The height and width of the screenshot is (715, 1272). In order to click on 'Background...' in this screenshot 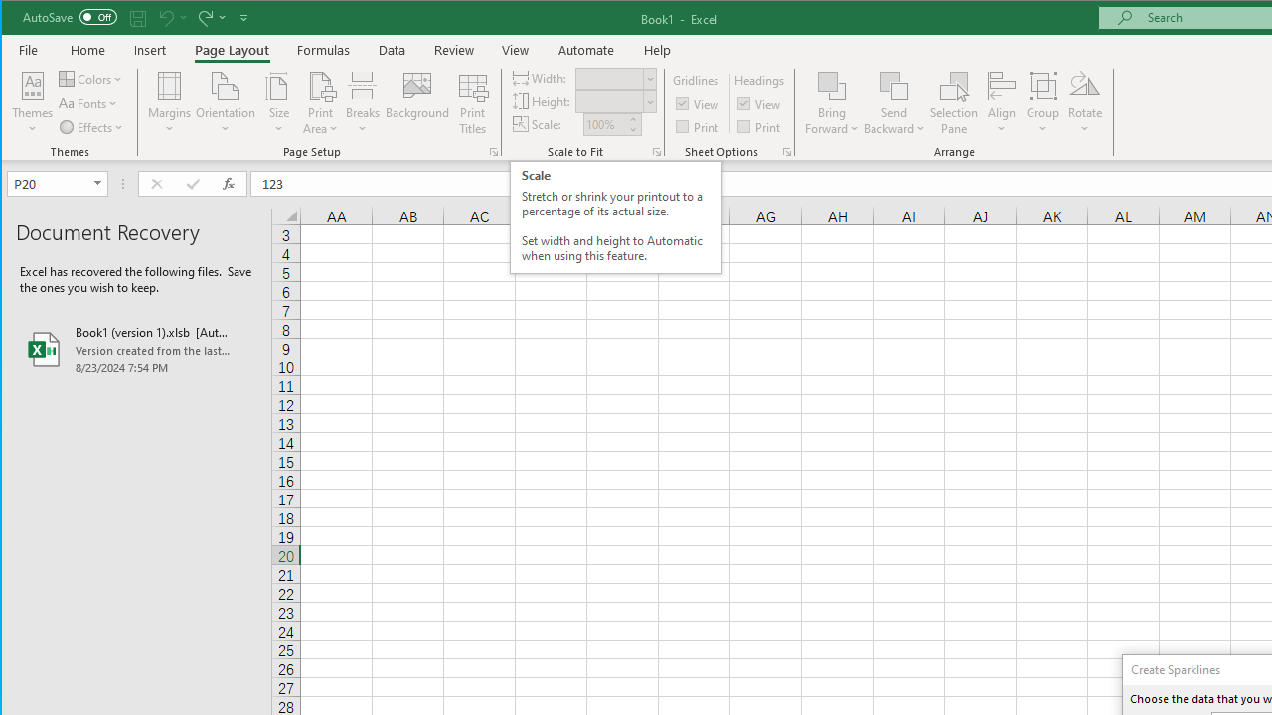, I will do `click(416, 103)`.